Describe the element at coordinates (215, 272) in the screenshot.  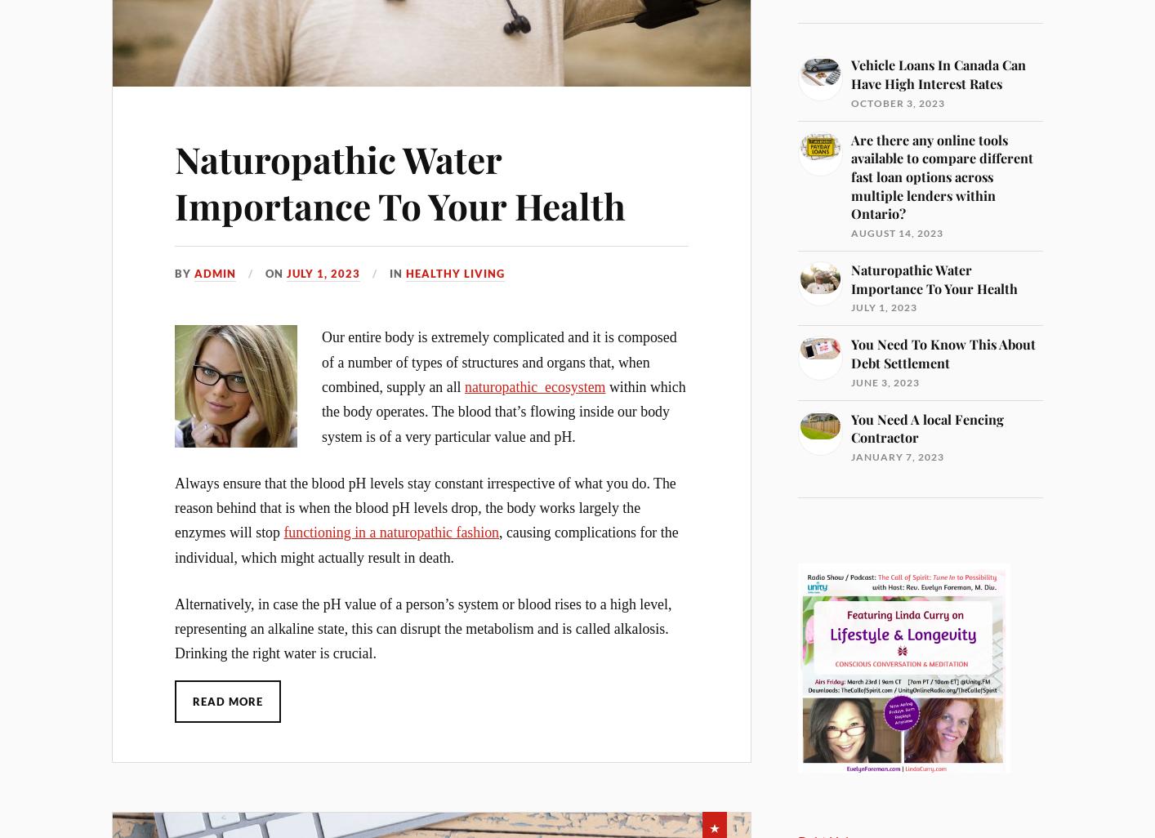
I see `'admin'` at that location.